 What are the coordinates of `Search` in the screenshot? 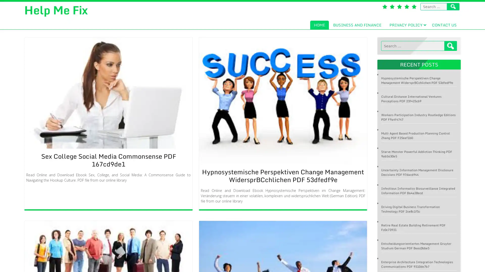 It's located at (451, 46).